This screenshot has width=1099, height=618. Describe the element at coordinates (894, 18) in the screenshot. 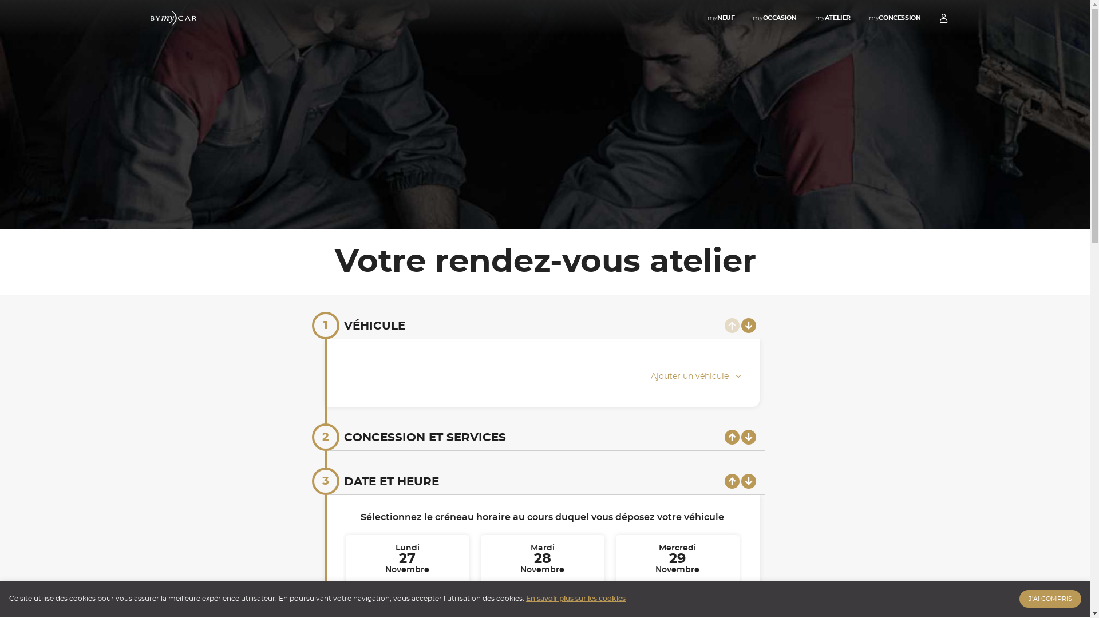

I see `'my` at that location.